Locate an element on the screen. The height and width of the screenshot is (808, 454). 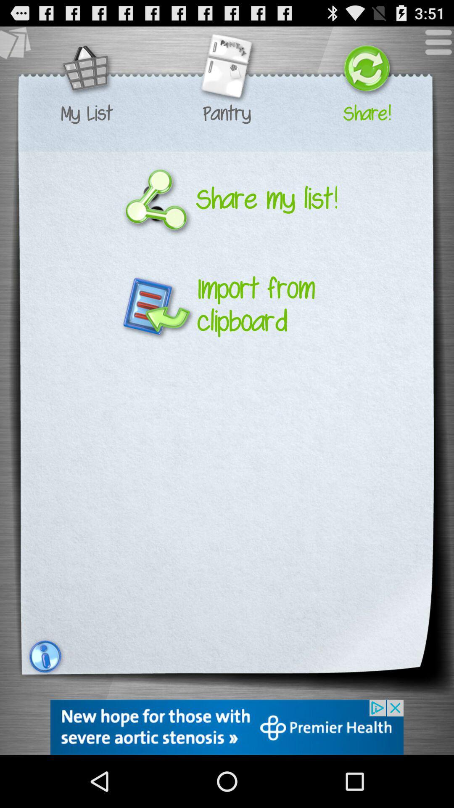
click the share option is located at coordinates (366, 69).